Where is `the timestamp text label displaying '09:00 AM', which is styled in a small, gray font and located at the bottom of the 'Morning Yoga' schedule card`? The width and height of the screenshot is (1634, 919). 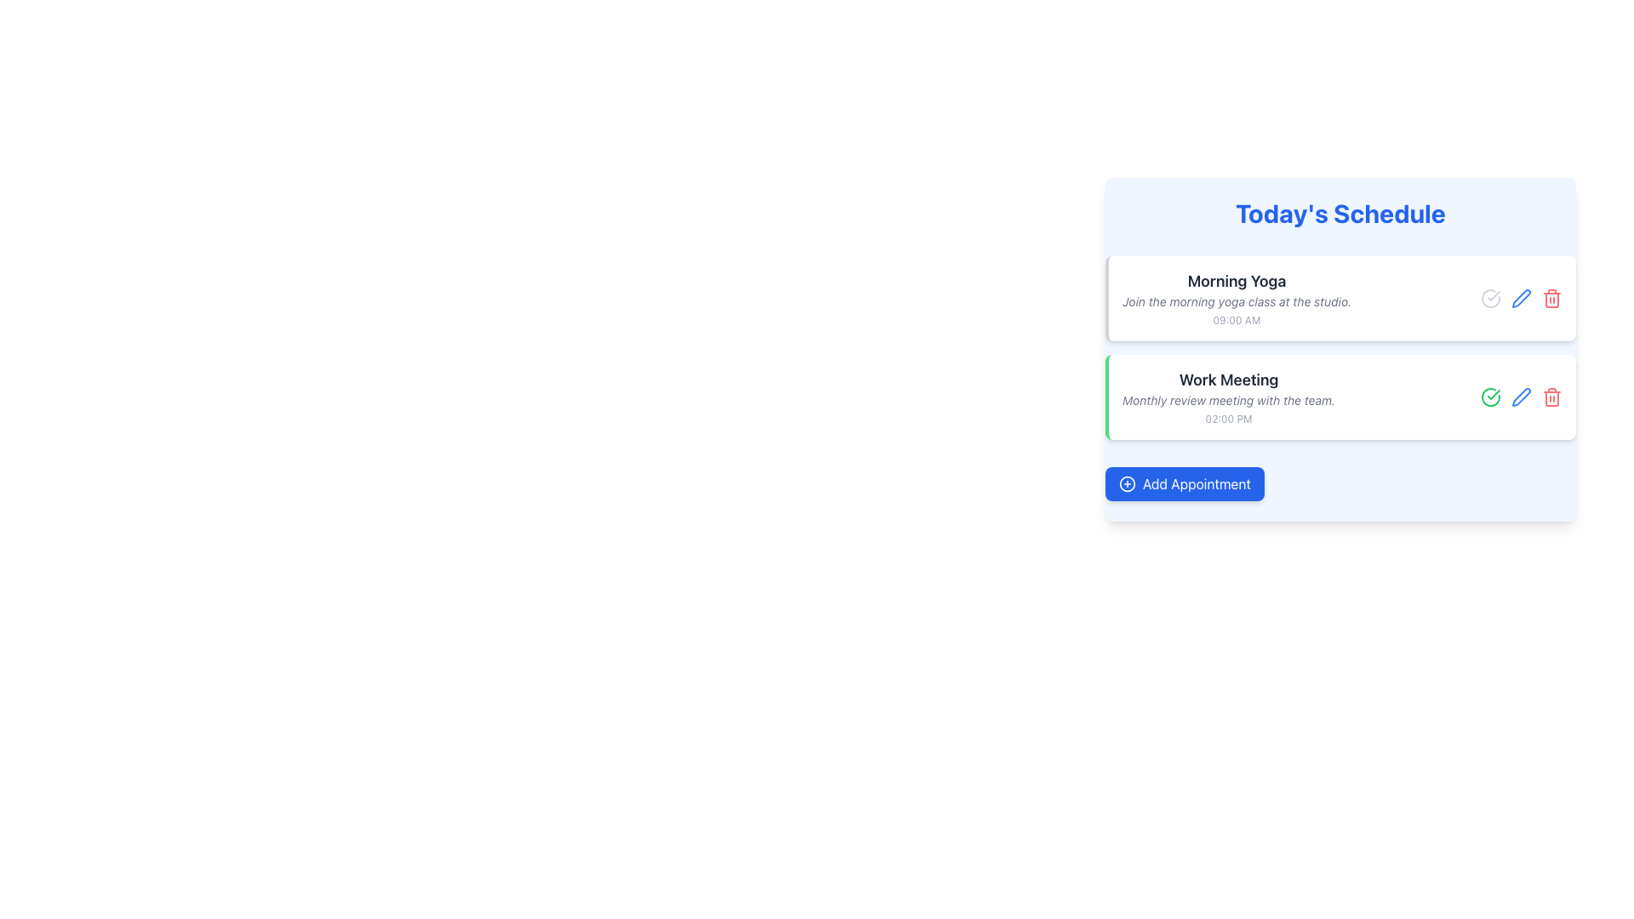
the timestamp text label displaying '09:00 AM', which is styled in a small, gray font and located at the bottom of the 'Morning Yoga' schedule card is located at coordinates (1237, 321).